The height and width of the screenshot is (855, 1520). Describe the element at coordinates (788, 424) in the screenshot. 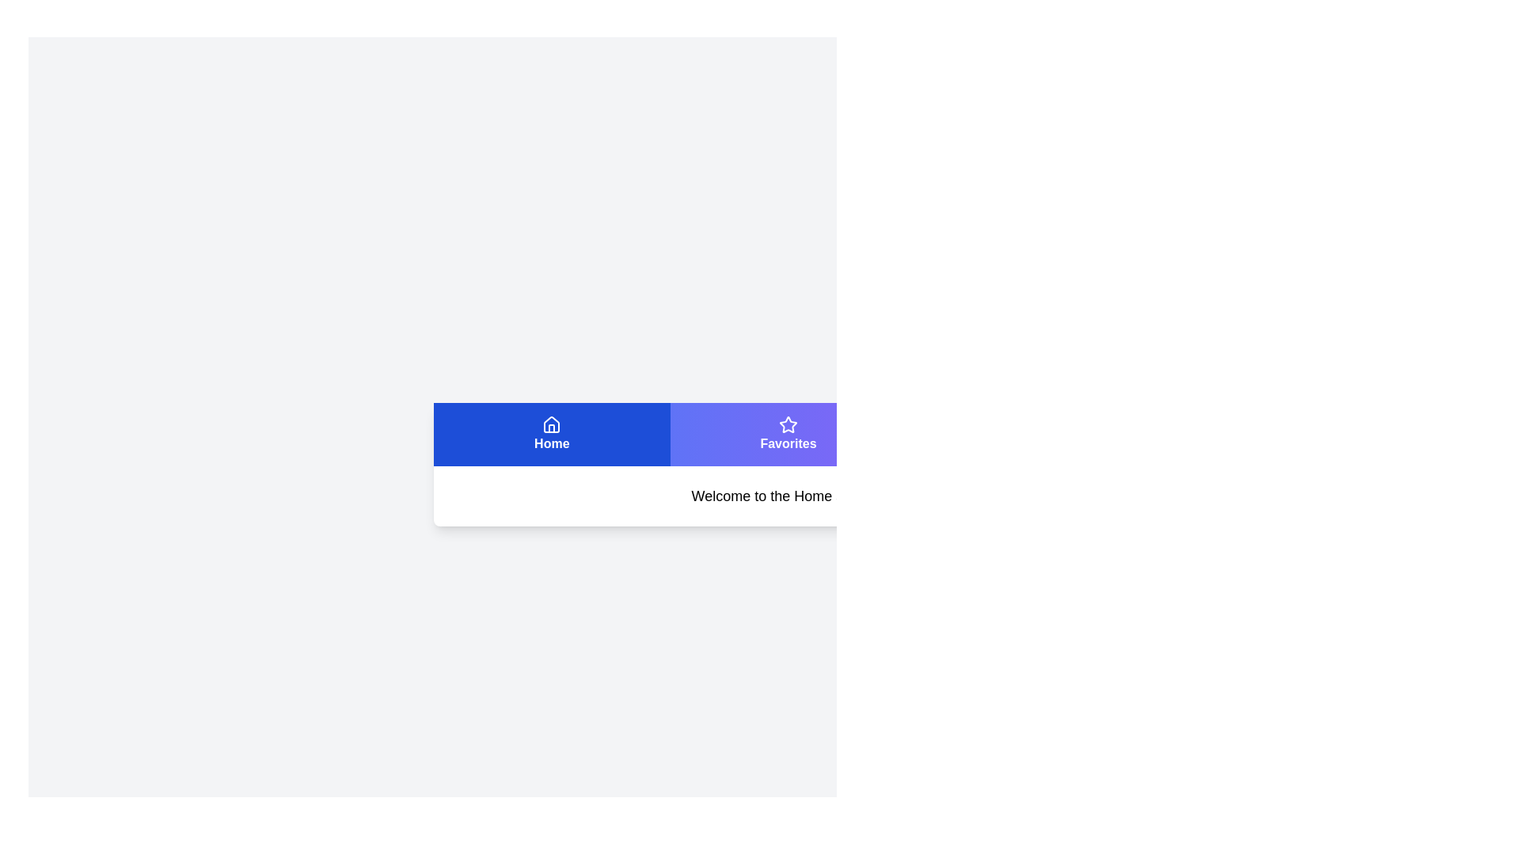

I see `the star-shaped icon outlined in the purple section labeled 'Favorites'` at that location.